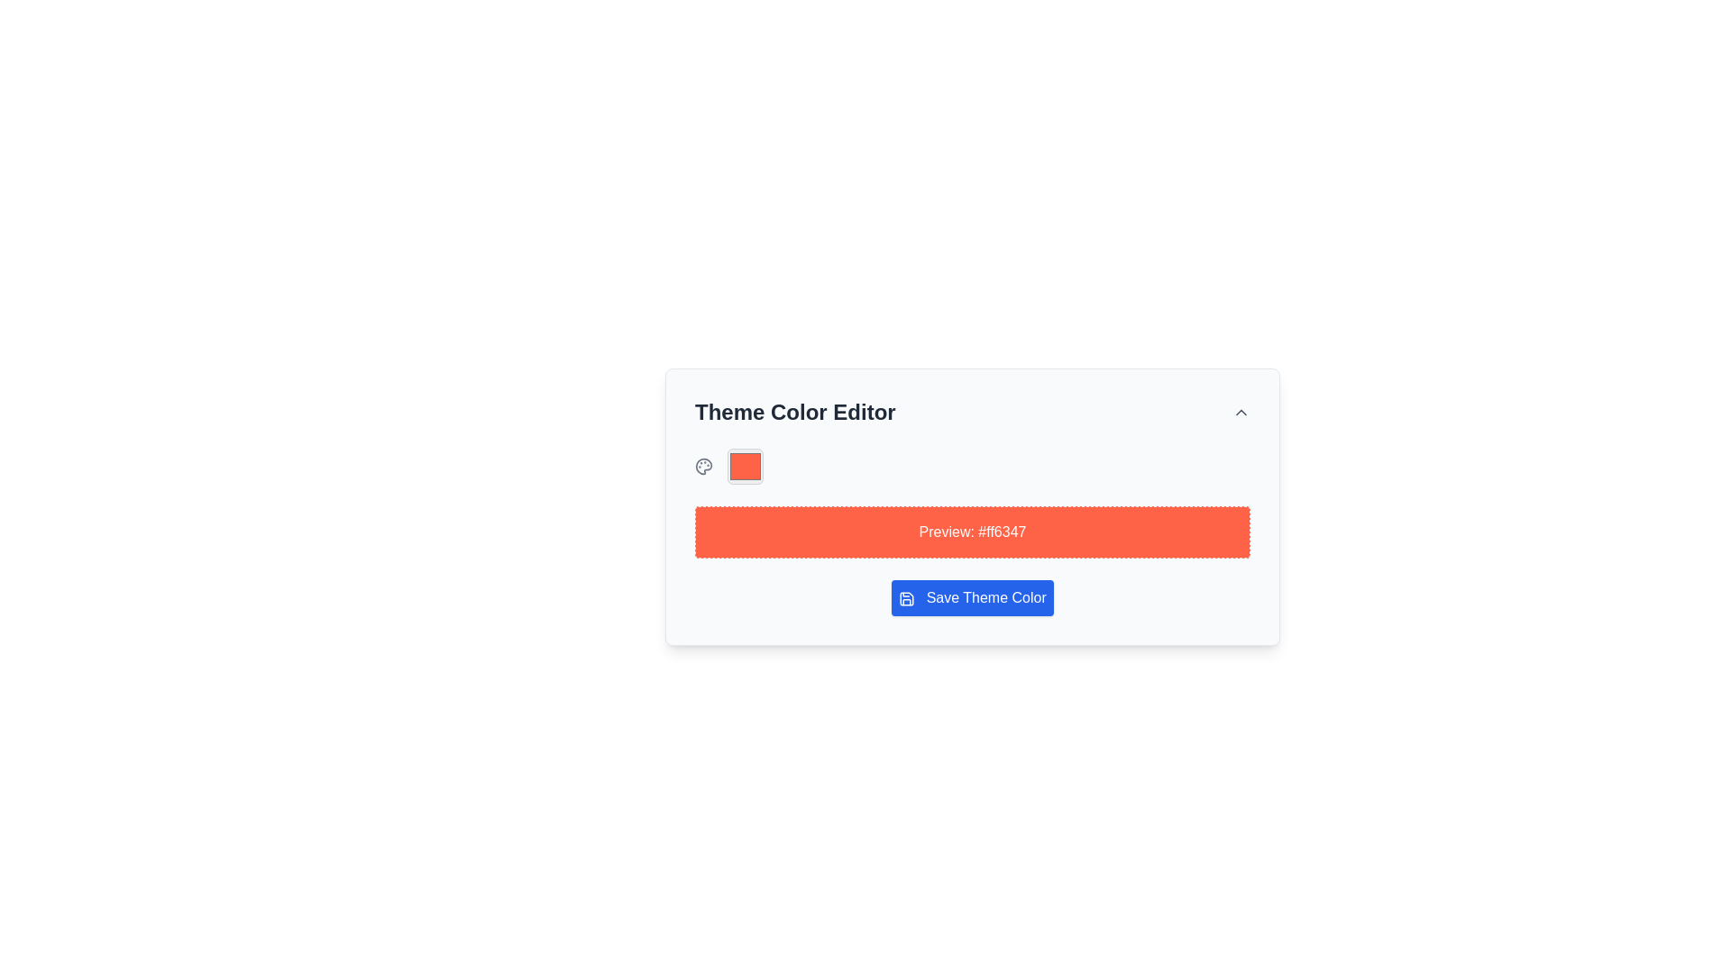 This screenshot has width=1731, height=973. I want to click on the save icon, which is a minimalist floppy disk symbol with a blue background and white outlines, located within the 'Save Theme Color' button at the bottom of the interface, so click(907, 598).